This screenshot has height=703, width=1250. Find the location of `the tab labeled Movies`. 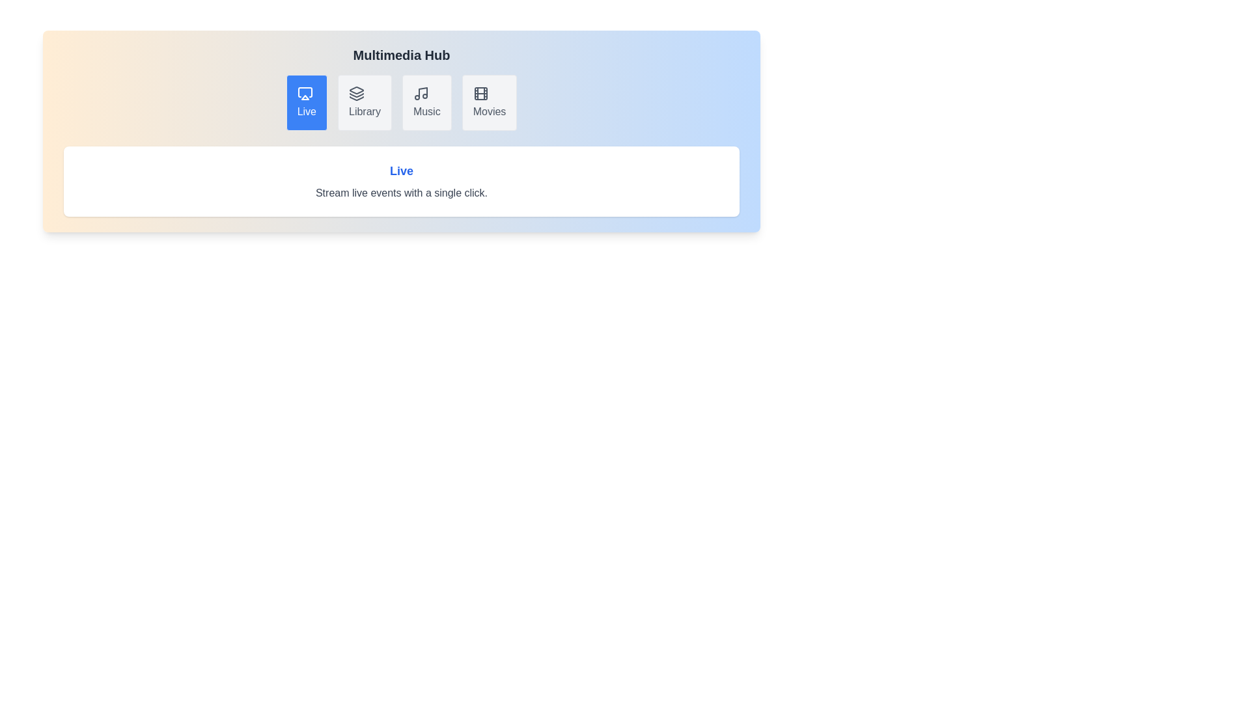

the tab labeled Movies is located at coordinates (489, 102).